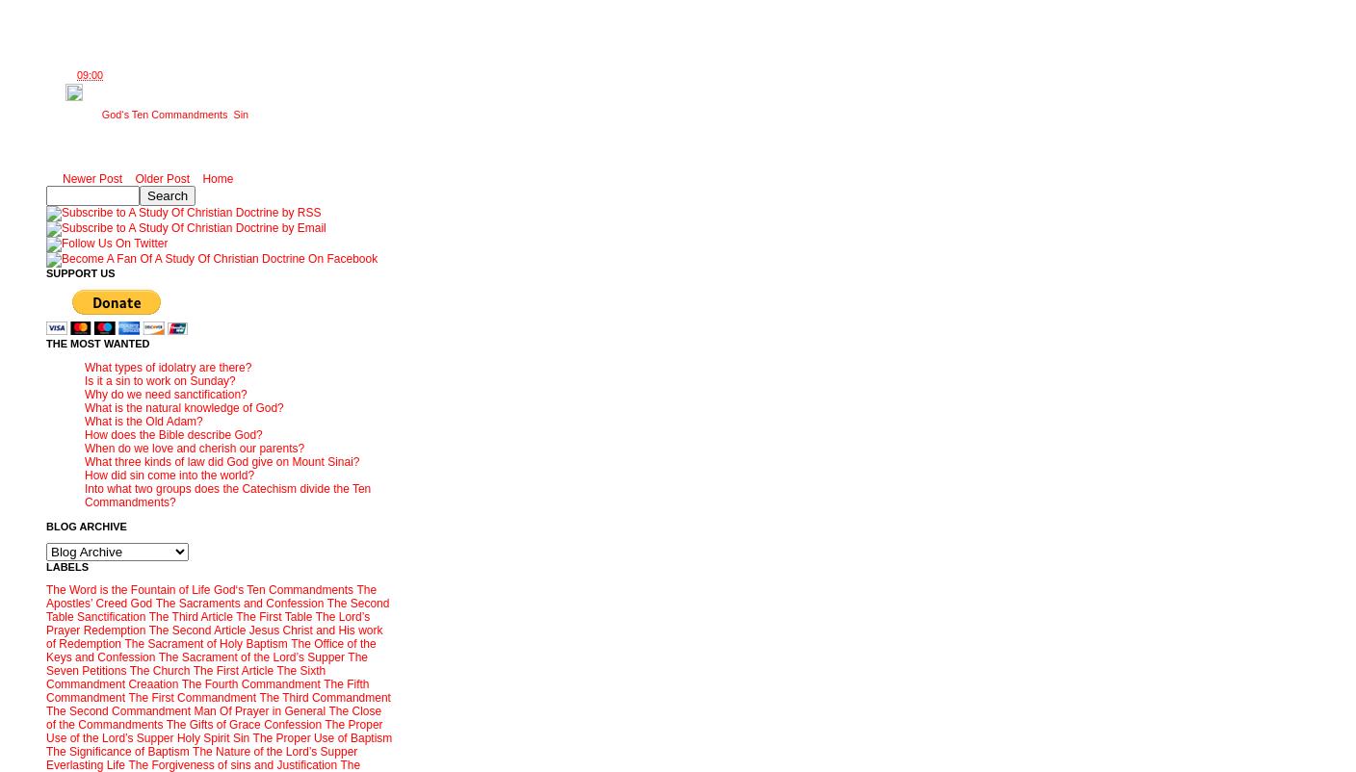 This screenshot has height=772, width=1356. Describe the element at coordinates (65, 113) in the screenshot. I see `'Labels:'` at that location.